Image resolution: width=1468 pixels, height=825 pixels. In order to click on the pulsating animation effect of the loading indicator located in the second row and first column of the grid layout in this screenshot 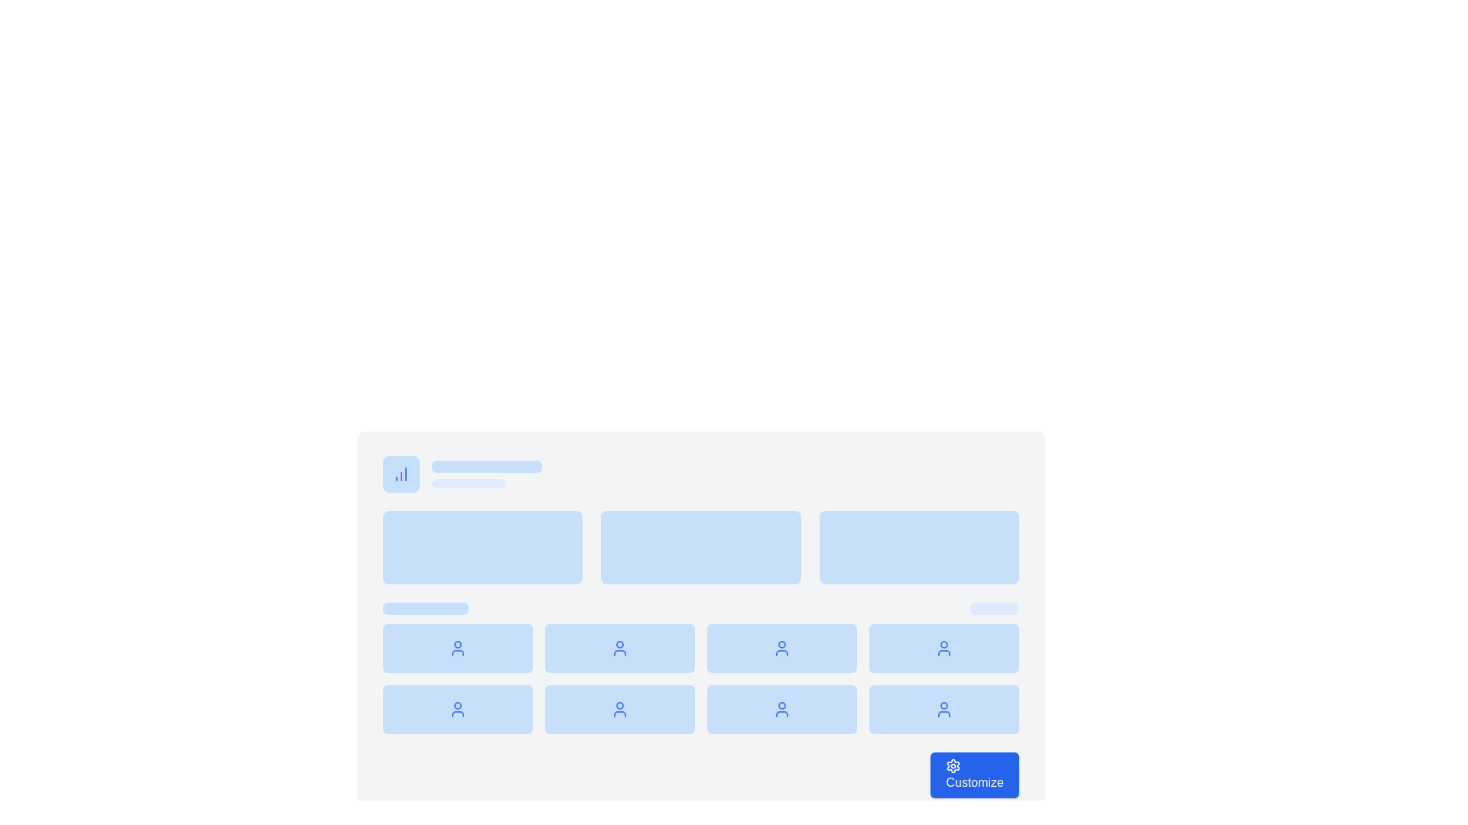, I will do `click(457, 710)`.